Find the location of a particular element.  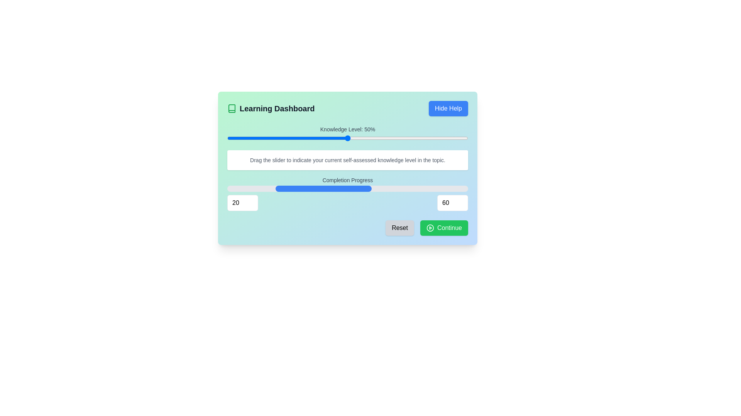

the Numeric Input Field displaying the value '60' in the bottom-right section of the 'Completion Progress' panel is located at coordinates (452, 203).